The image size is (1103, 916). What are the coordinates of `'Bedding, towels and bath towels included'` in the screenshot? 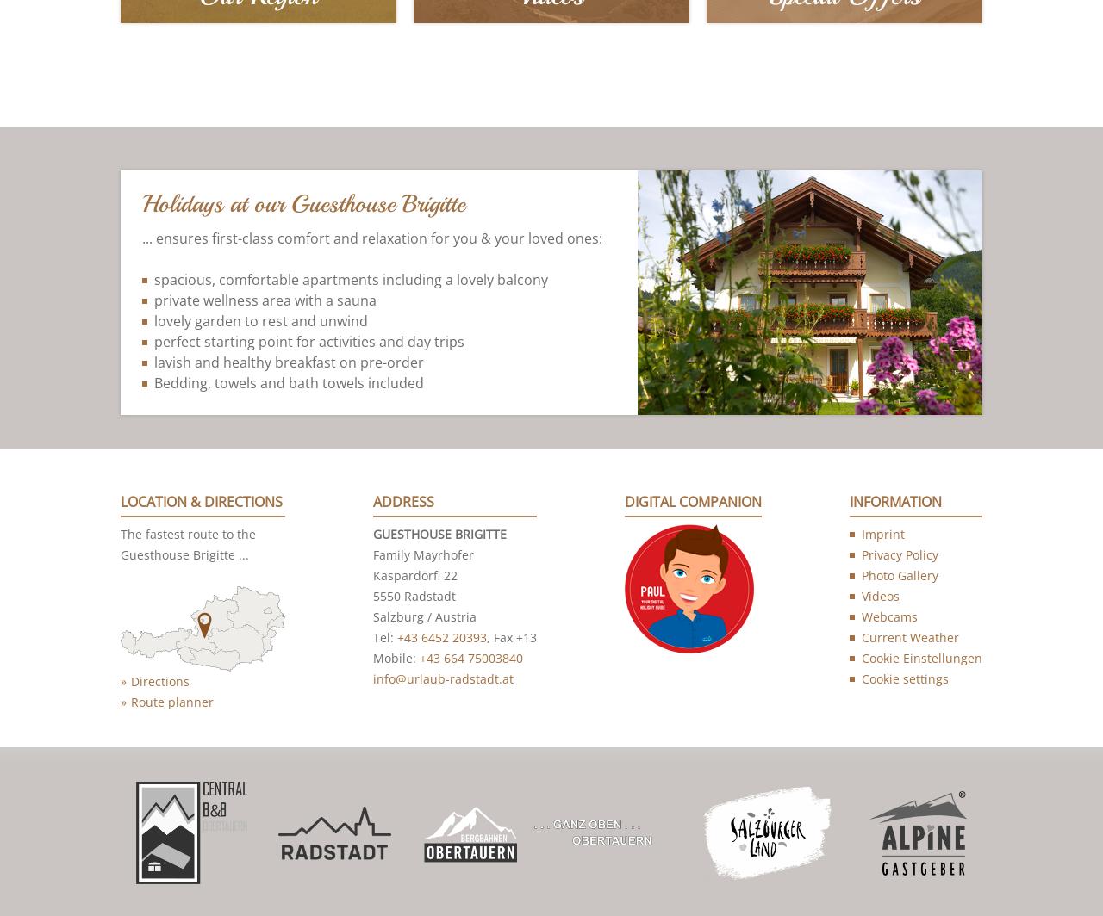 It's located at (289, 384).